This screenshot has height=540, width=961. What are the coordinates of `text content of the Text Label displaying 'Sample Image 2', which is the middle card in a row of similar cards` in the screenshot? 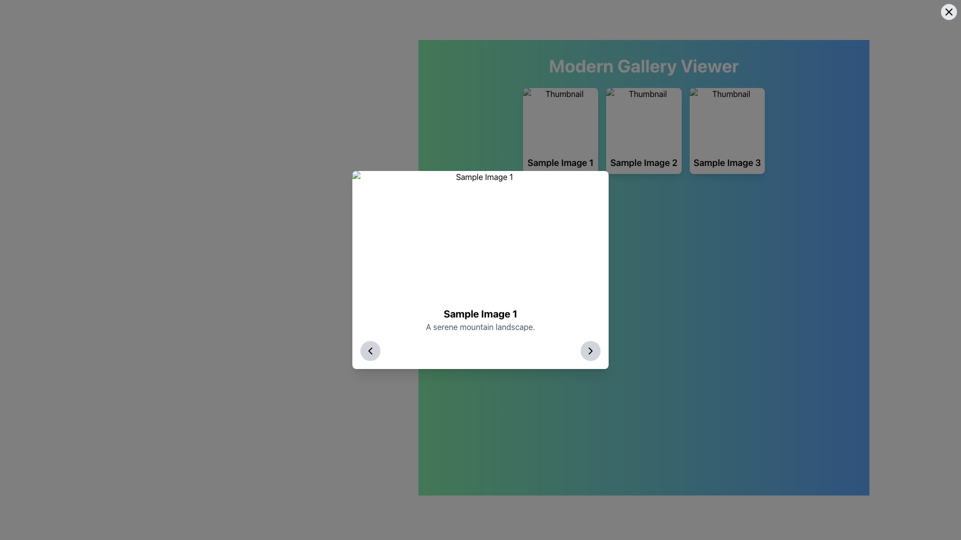 It's located at (644, 162).